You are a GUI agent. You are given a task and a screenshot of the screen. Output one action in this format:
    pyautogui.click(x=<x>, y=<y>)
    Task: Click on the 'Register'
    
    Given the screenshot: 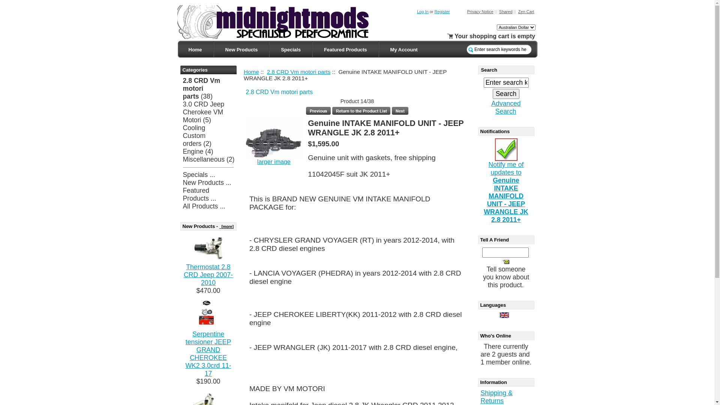 What is the action you would take?
    pyautogui.click(x=442, y=11)
    